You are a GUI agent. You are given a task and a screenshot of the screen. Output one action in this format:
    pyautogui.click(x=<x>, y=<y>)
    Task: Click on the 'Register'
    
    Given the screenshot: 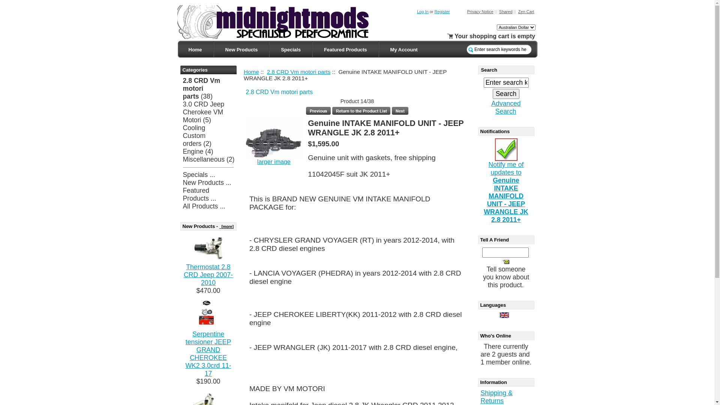 What is the action you would take?
    pyautogui.click(x=442, y=11)
    